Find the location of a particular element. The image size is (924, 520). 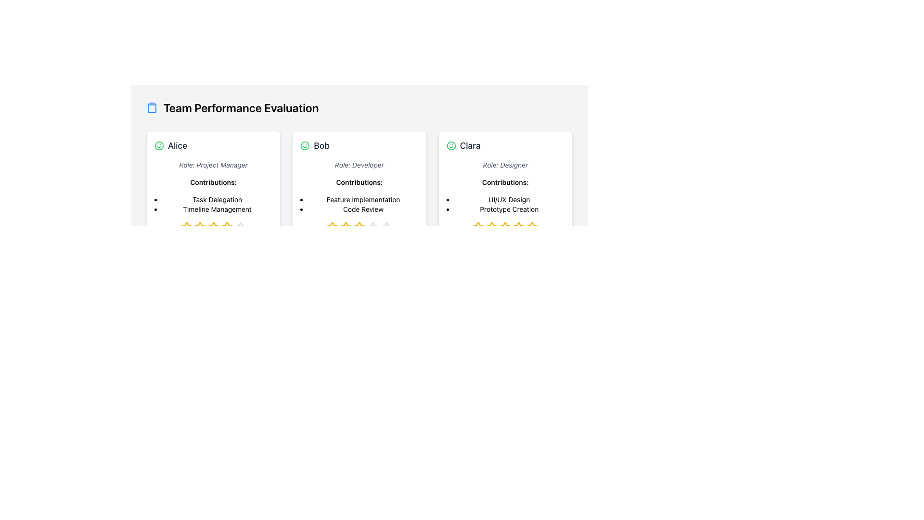

the third star icon from the left in the rating system below Bob's profile card is located at coordinates (346, 227).